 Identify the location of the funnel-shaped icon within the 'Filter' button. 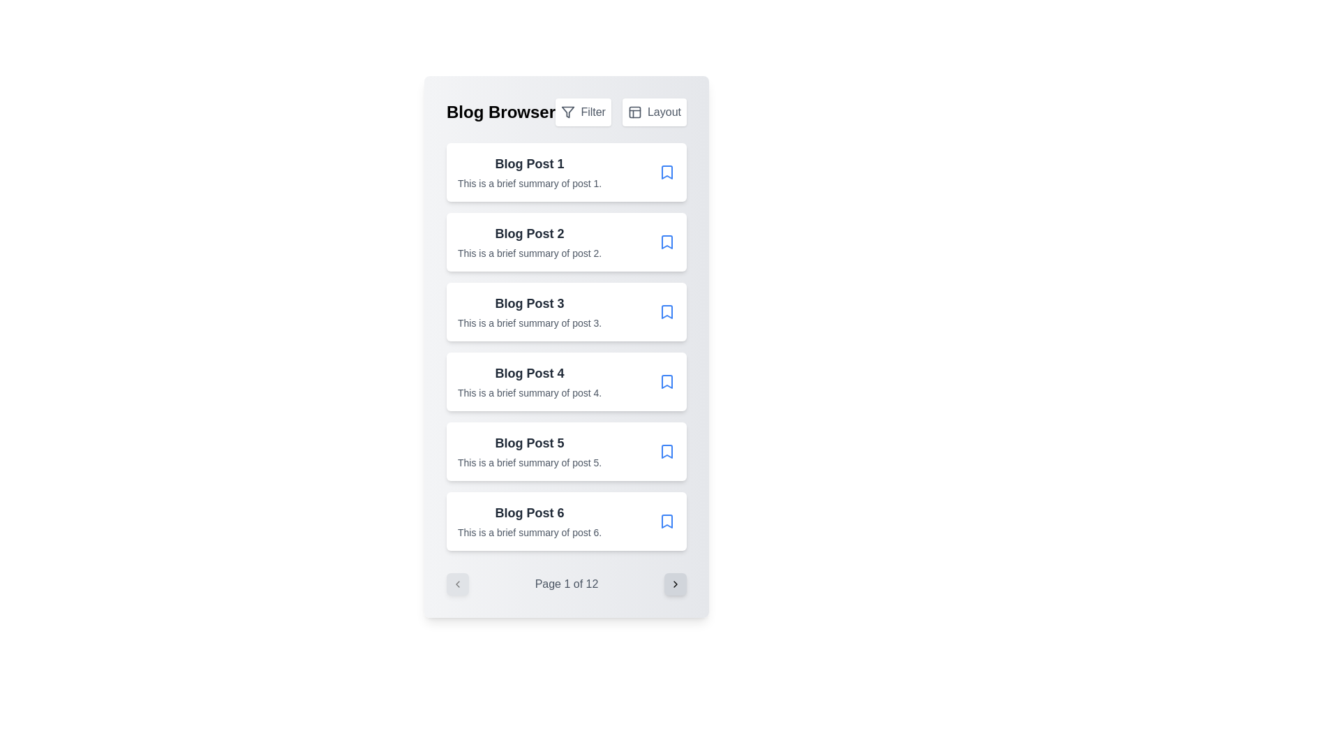
(568, 112).